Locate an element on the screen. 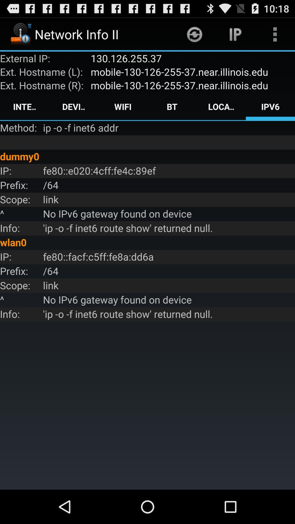  the app above the ip o f app is located at coordinates (172, 106).